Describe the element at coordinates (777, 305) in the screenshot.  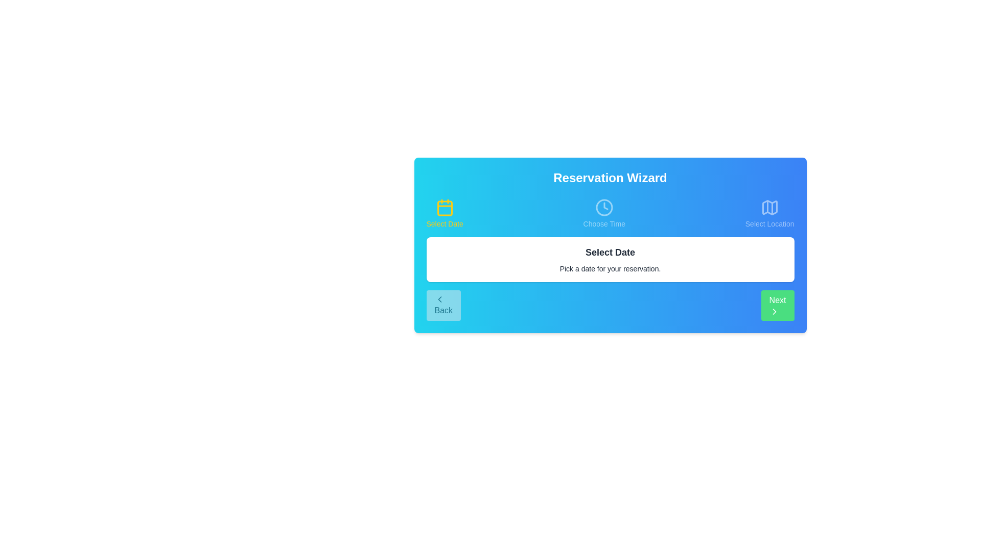
I see `the 'Next' button to navigate to the next step` at that location.